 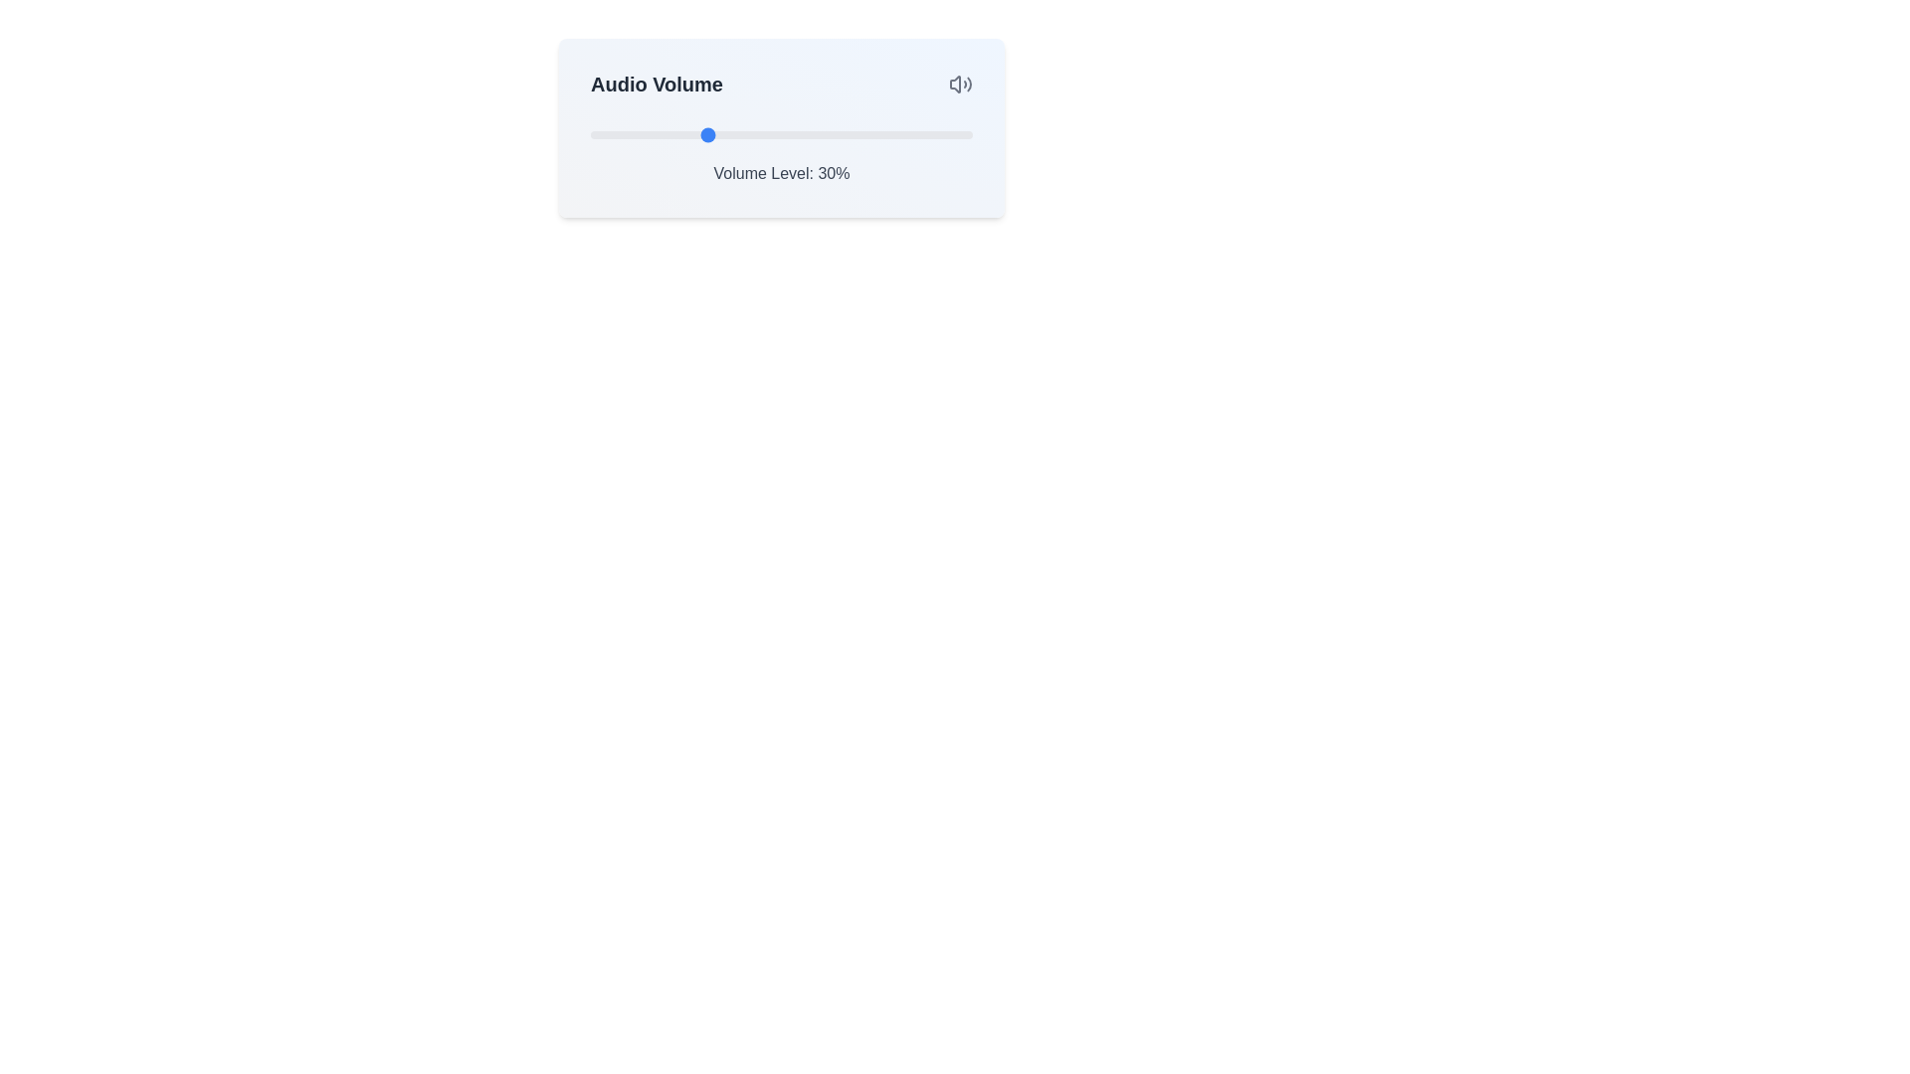 I want to click on audio volume, so click(x=887, y=134).